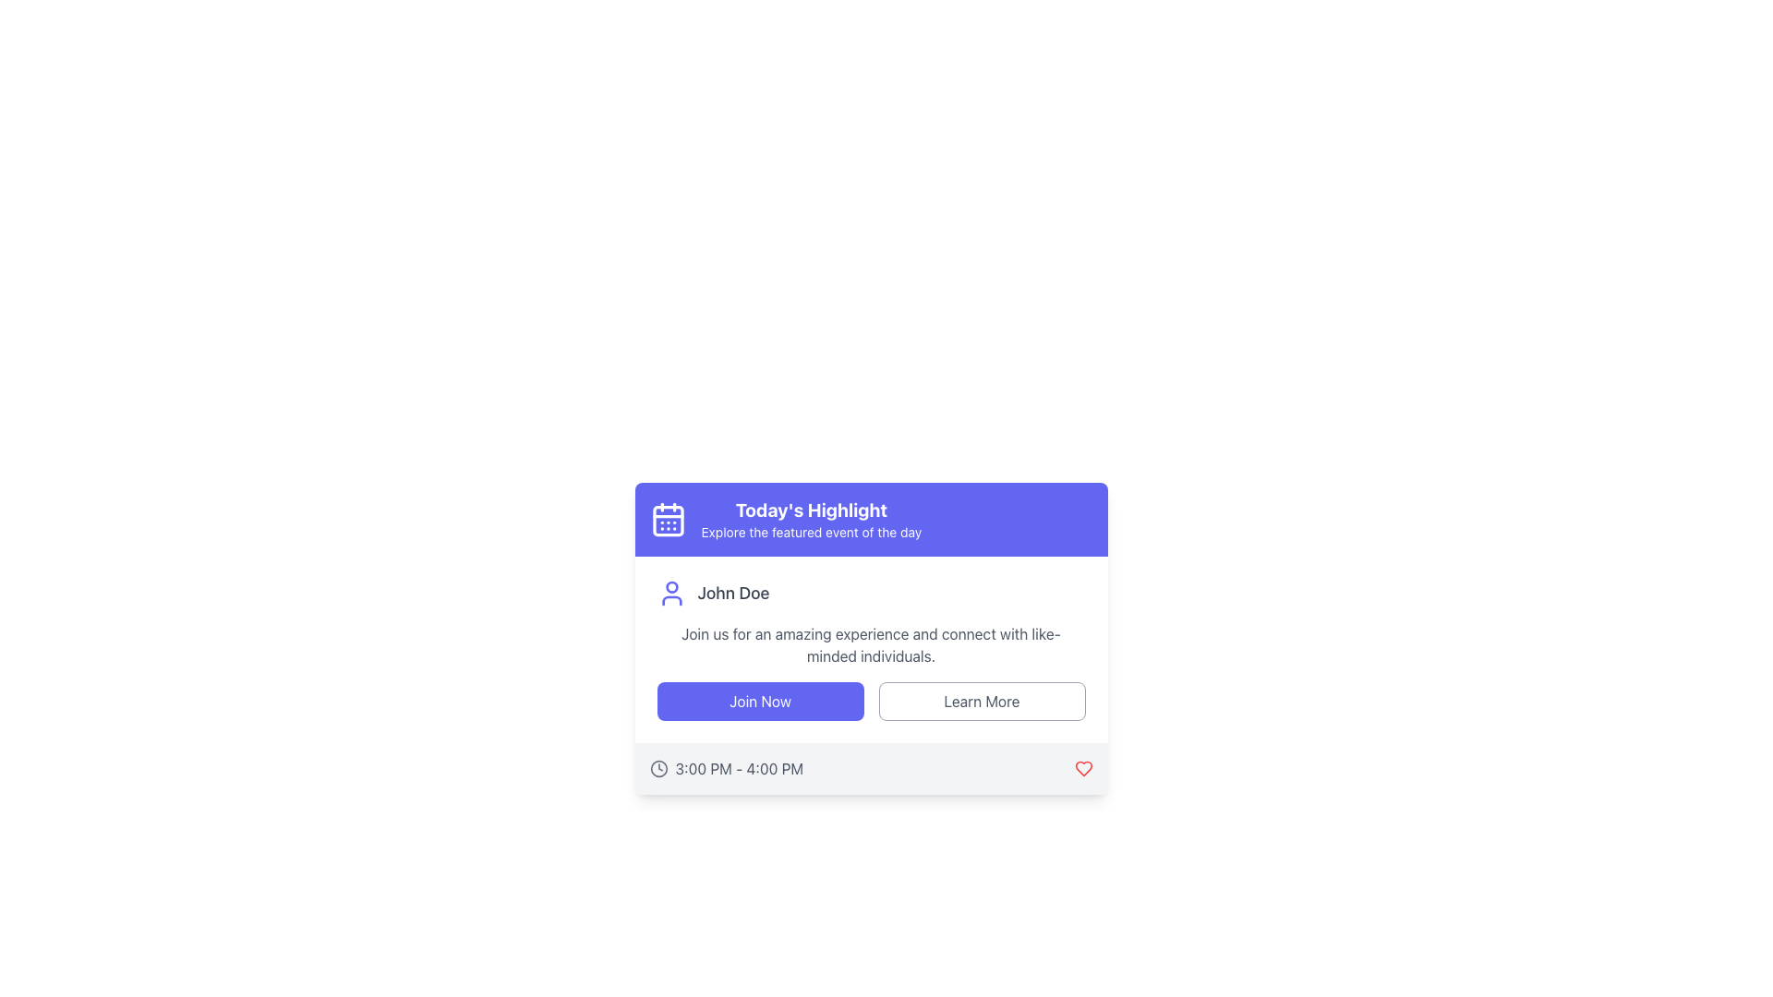 This screenshot has height=997, width=1773. What do you see at coordinates (658, 769) in the screenshot?
I see `the circular graphical element that forms part of the clock icon located at the bottom left of a card displaying event details, left of the text '3:00 PM - 4:00 PM'` at bounding box center [658, 769].